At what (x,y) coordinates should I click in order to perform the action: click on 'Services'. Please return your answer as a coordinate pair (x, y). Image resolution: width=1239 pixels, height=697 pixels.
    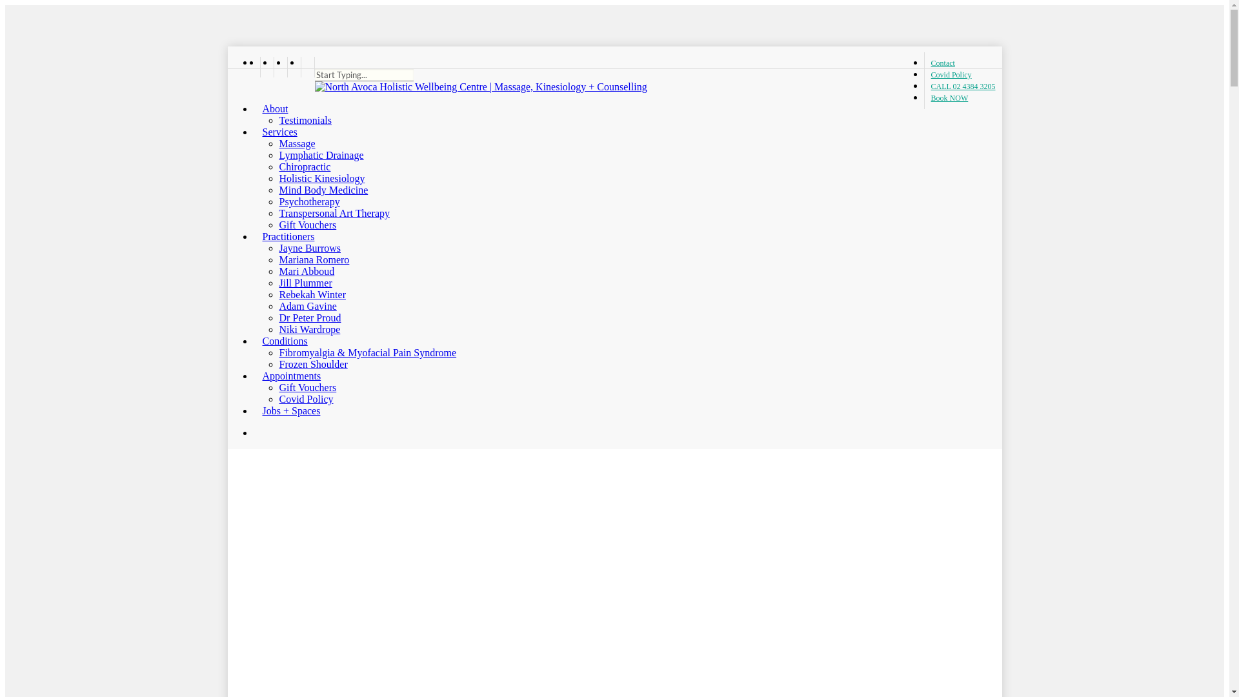
    Looking at the image, I should click on (274, 132).